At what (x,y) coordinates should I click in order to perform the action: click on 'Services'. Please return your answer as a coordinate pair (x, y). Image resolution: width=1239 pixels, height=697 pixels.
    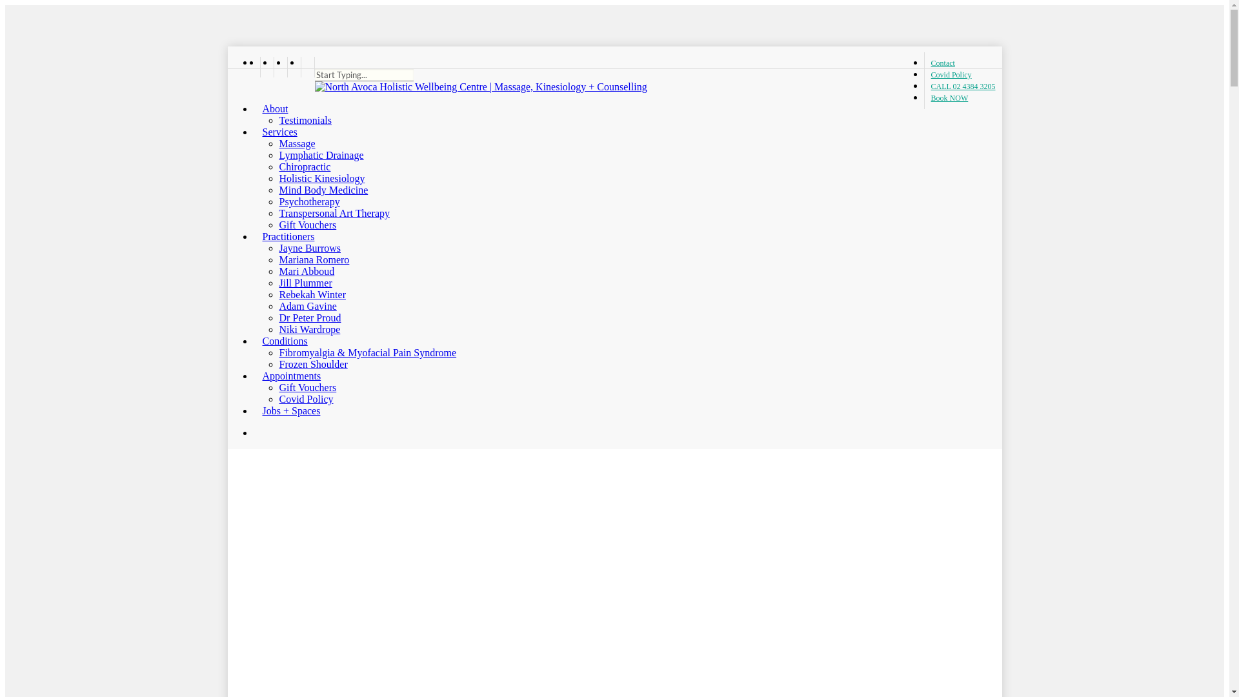
    Looking at the image, I should click on (274, 132).